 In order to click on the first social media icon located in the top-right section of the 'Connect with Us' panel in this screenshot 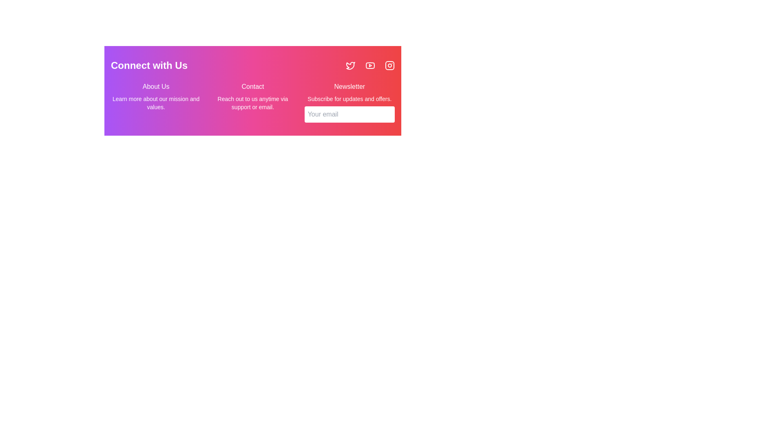, I will do `click(350, 65)`.